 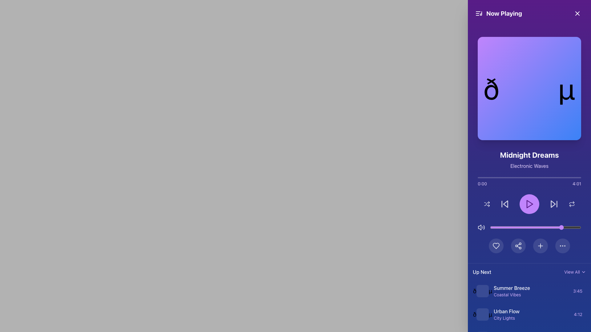 What do you see at coordinates (505, 204) in the screenshot?
I see `the backward skip button, which is a triangular shape pointing left within a rectangular frame` at bounding box center [505, 204].